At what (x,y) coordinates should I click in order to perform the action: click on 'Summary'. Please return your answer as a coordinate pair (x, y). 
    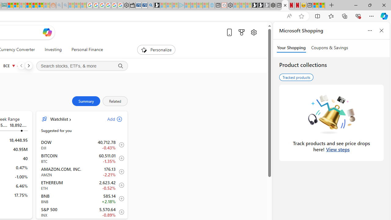
    Looking at the image, I should click on (86, 101).